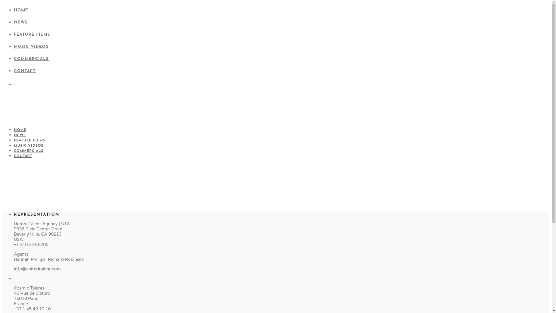  I want to click on 'HOME', so click(21, 10).